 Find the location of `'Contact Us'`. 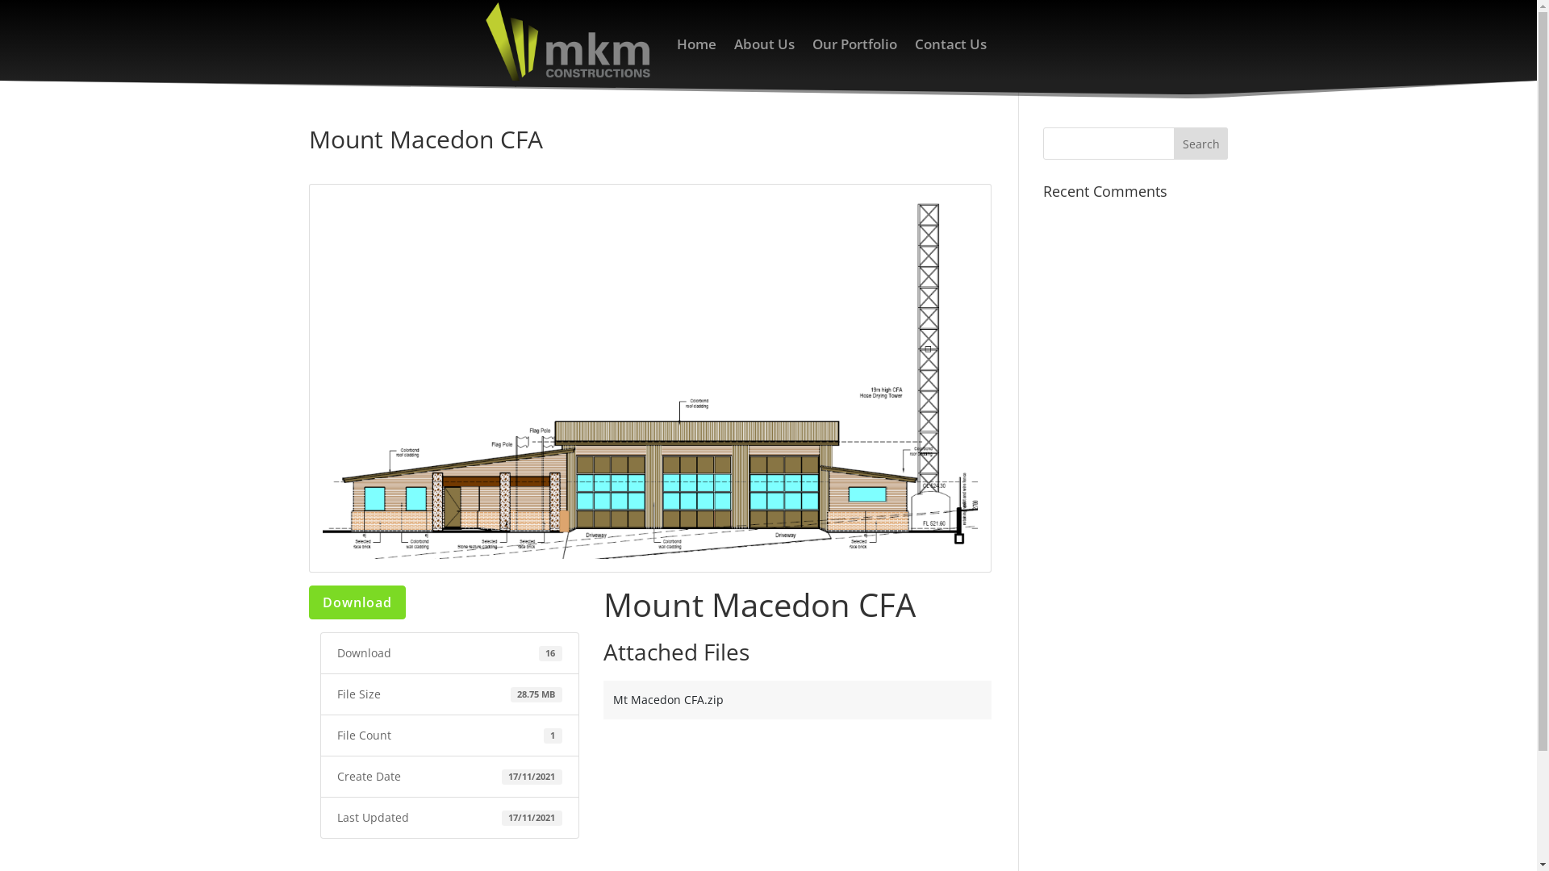

'Contact Us' is located at coordinates (914, 44).